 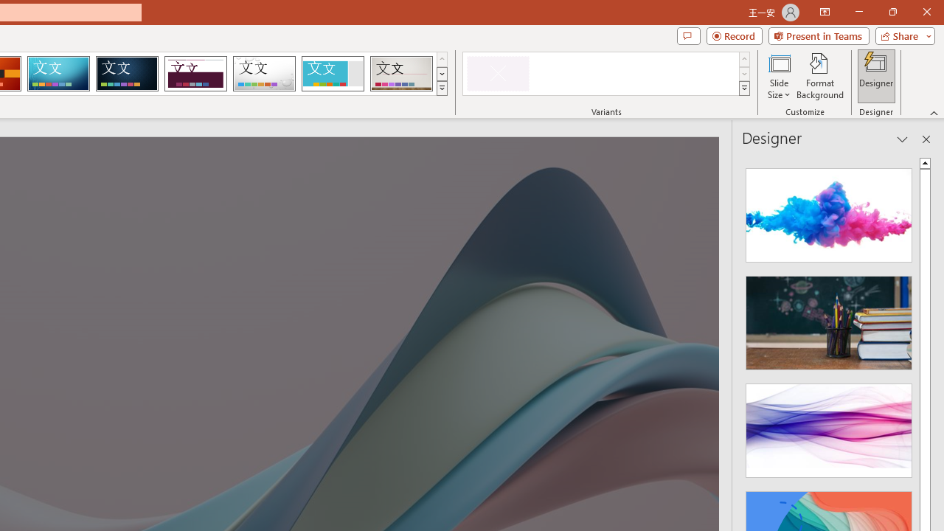 I want to click on 'Frame', so click(x=332, y=74).